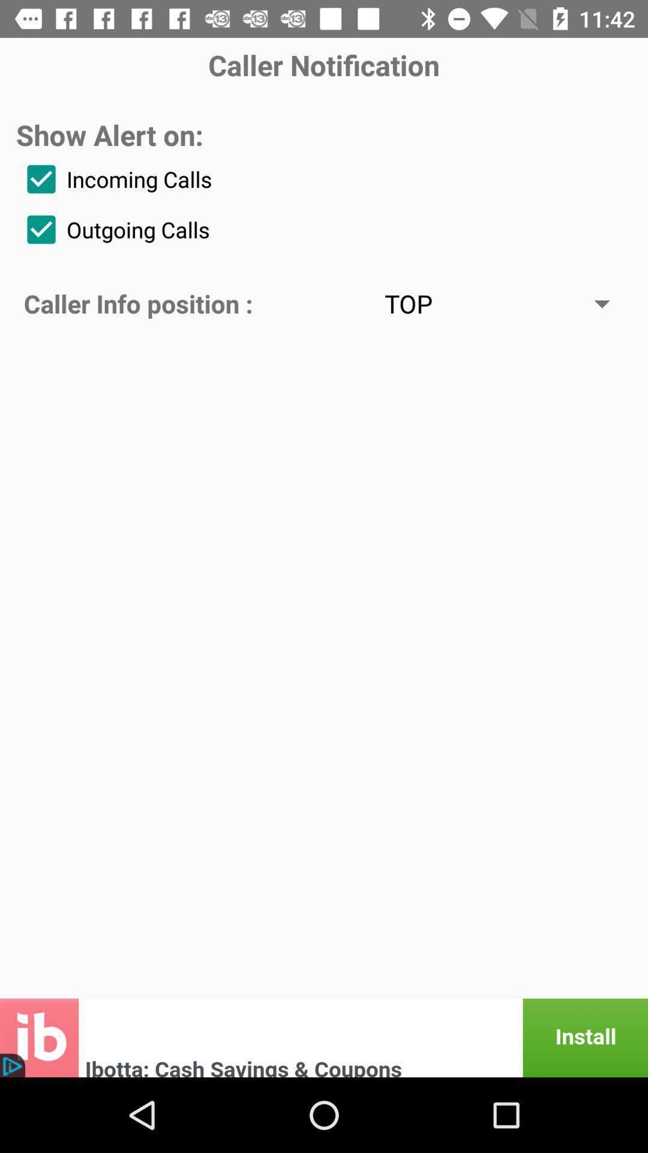  I want to click on install option, so click(324, 1037).